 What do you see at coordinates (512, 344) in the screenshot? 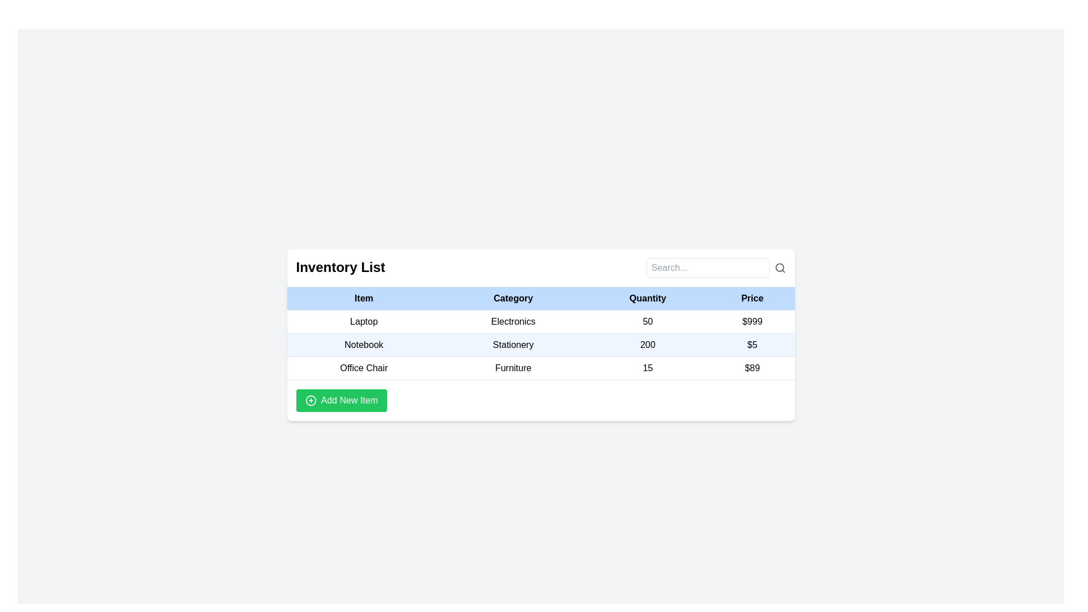
I see `the static text element displaying 'Stationery' in the second row of the 'Inventory List' table, which has a light blue background and is located under the 'Category' column` at bounding box center [512, 344].